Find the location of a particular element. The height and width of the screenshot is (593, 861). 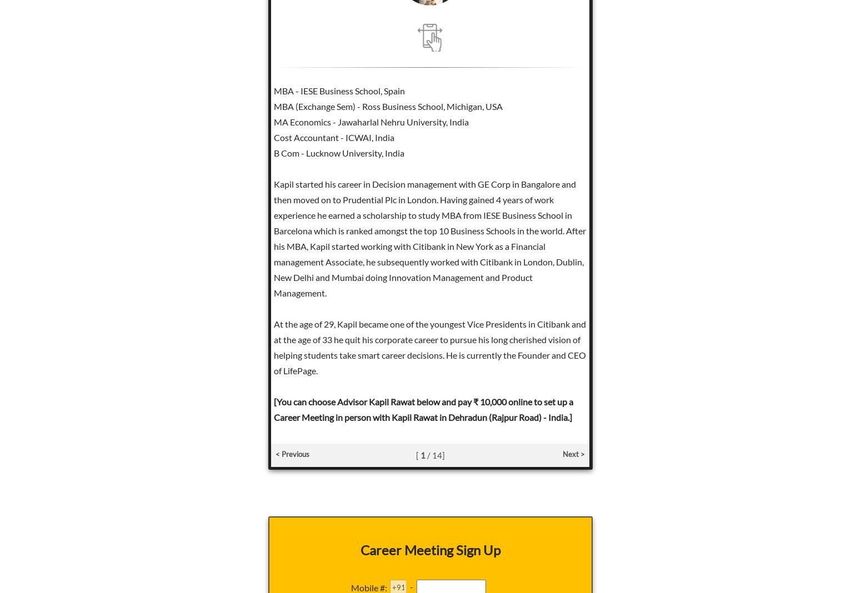

'BA & B Ed Utkal University' is located at coordinates (642, 90).